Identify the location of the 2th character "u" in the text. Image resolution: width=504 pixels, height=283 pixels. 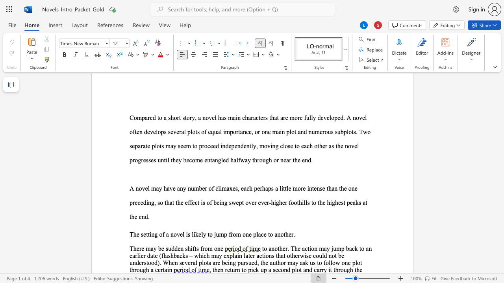
(321, 255).